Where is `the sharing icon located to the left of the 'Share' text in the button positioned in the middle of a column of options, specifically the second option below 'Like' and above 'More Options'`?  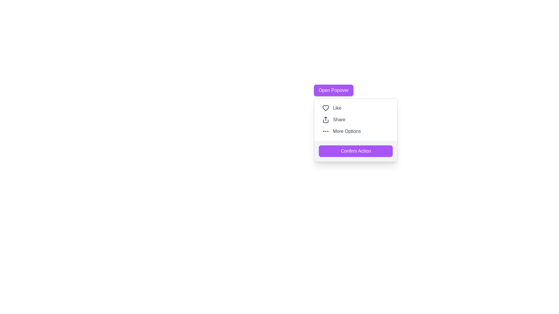 the sharing icon located to the left of the 'Share' text in the button positioned in the middle of a column of options, specifically the second option below 'Like' and above 'More Options' is located at coordinates (326, 119).